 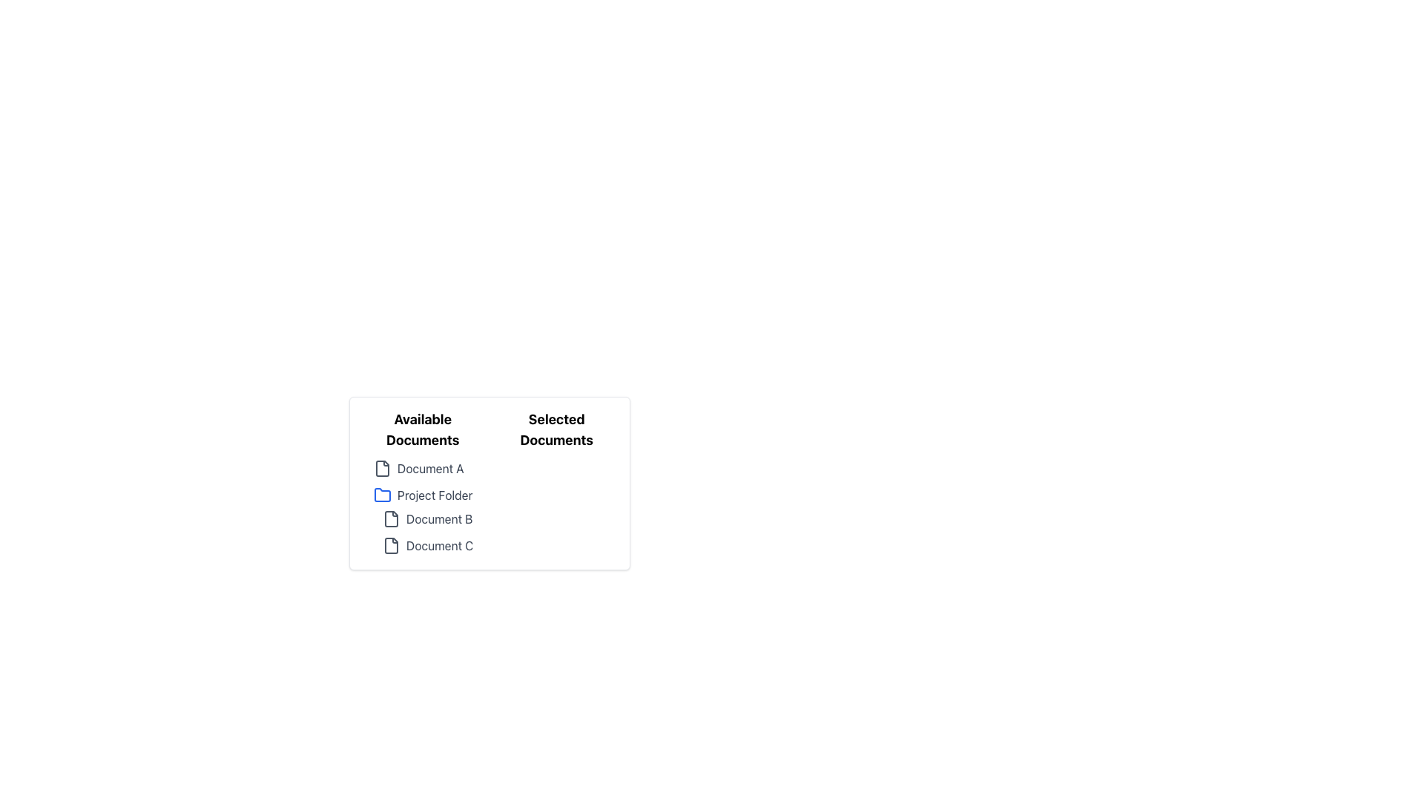 What do you see at coordinates (422, 429) in the screenshot?
I see `the Text label that defines the section for document selection, located at the top of the document-related information section` at bounding box center [422, 429].